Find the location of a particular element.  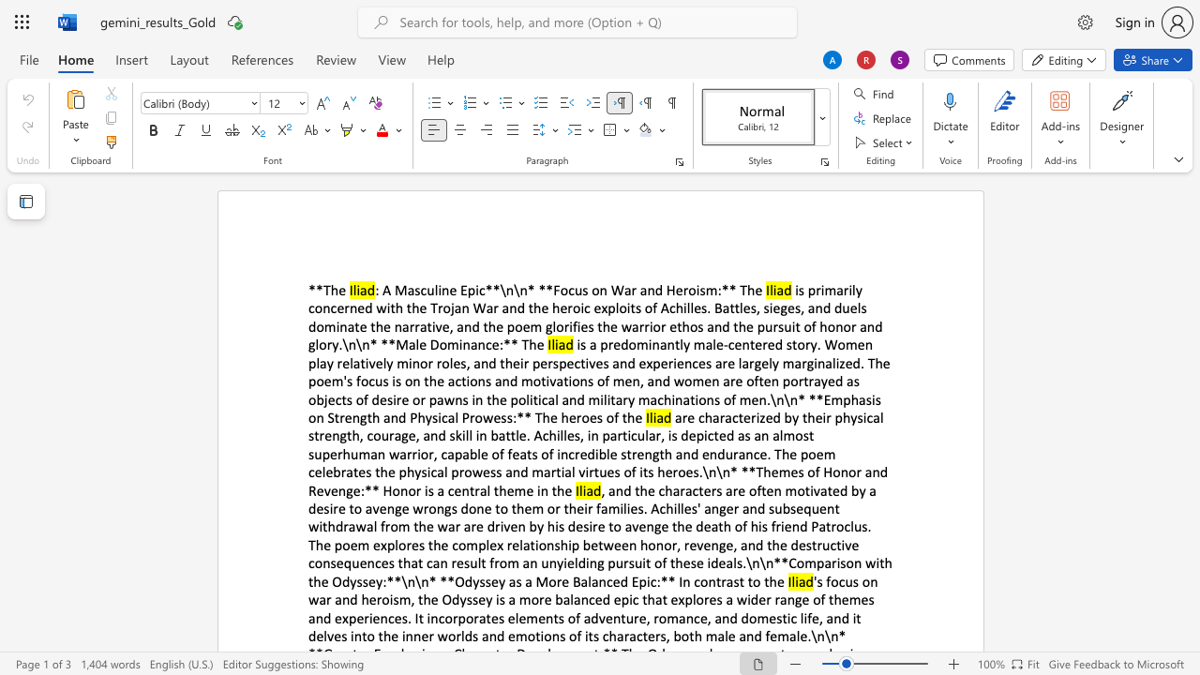

the 22th character "e" in the text is located at coordinates (495, 344).